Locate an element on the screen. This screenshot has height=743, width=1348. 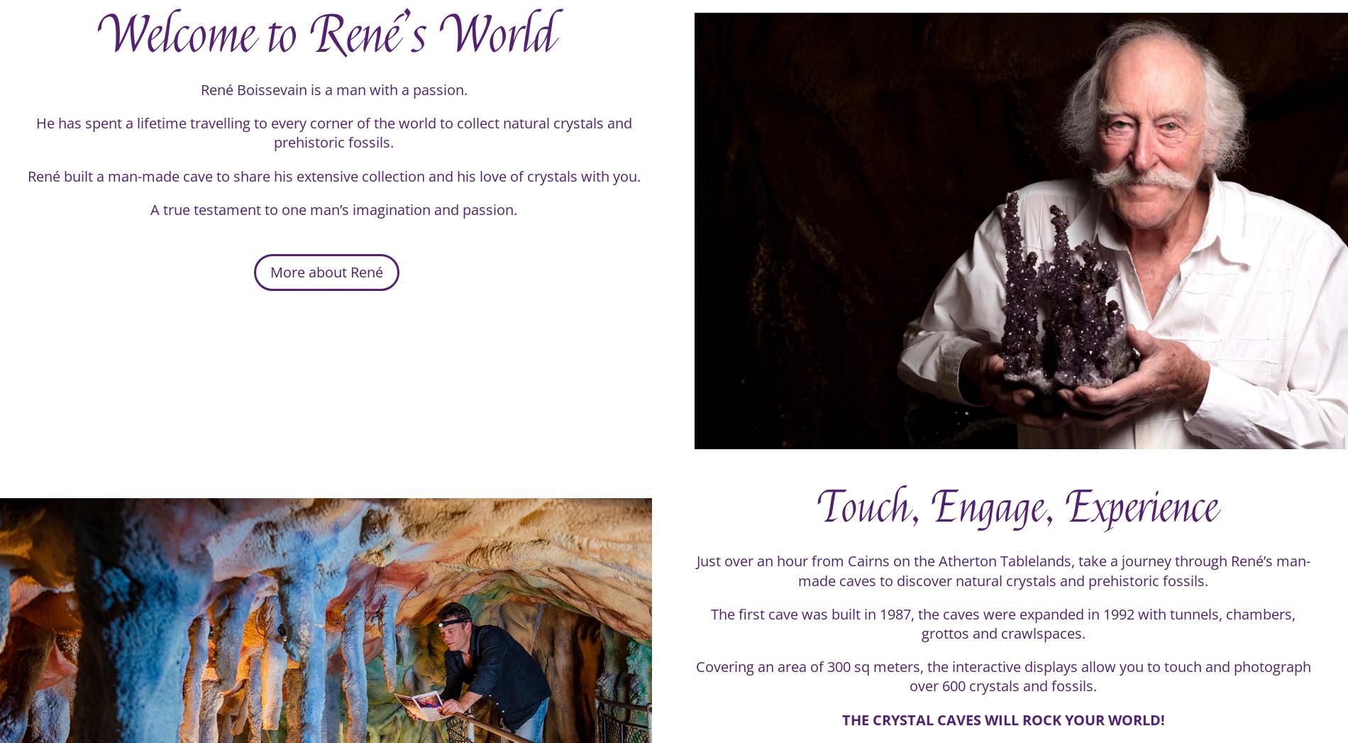
'Touch, Engage, Experience' is located at coordinates (1018, 518).